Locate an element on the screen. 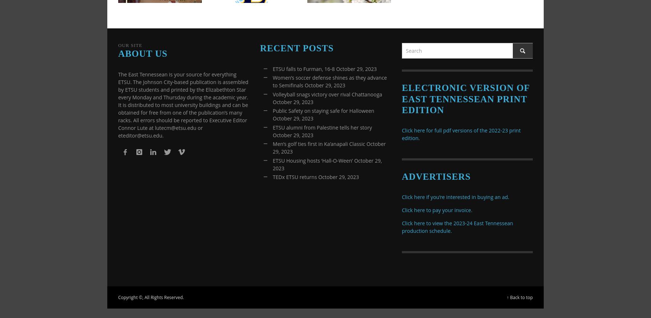 This screenshot has height=318, width=651. 'Click here to view the 2023-24 East Tennessean production schedule.' is located at coordinates (402, 227).